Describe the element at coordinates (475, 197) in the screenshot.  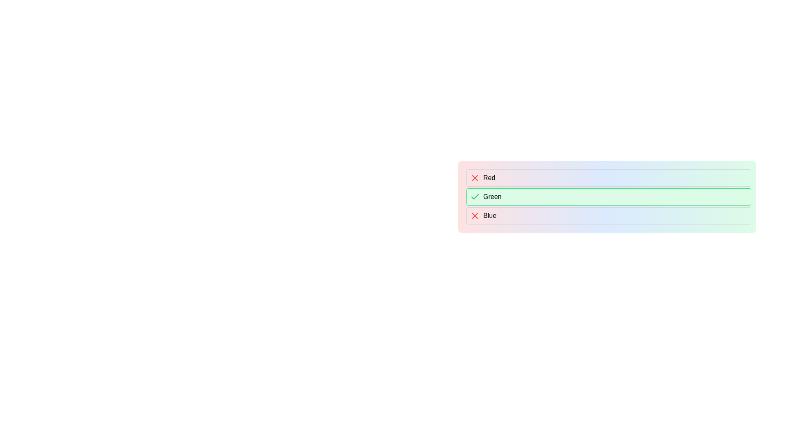
I see `the green checkmark icon located within the green-colored background box associated with the 'Green' label` at that location.